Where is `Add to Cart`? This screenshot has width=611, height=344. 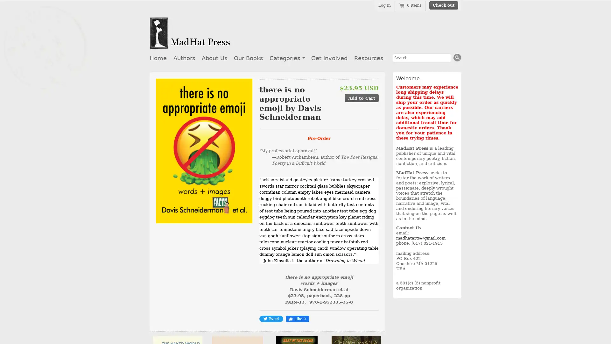 Add to Cart is located at coordinates (362, 98).